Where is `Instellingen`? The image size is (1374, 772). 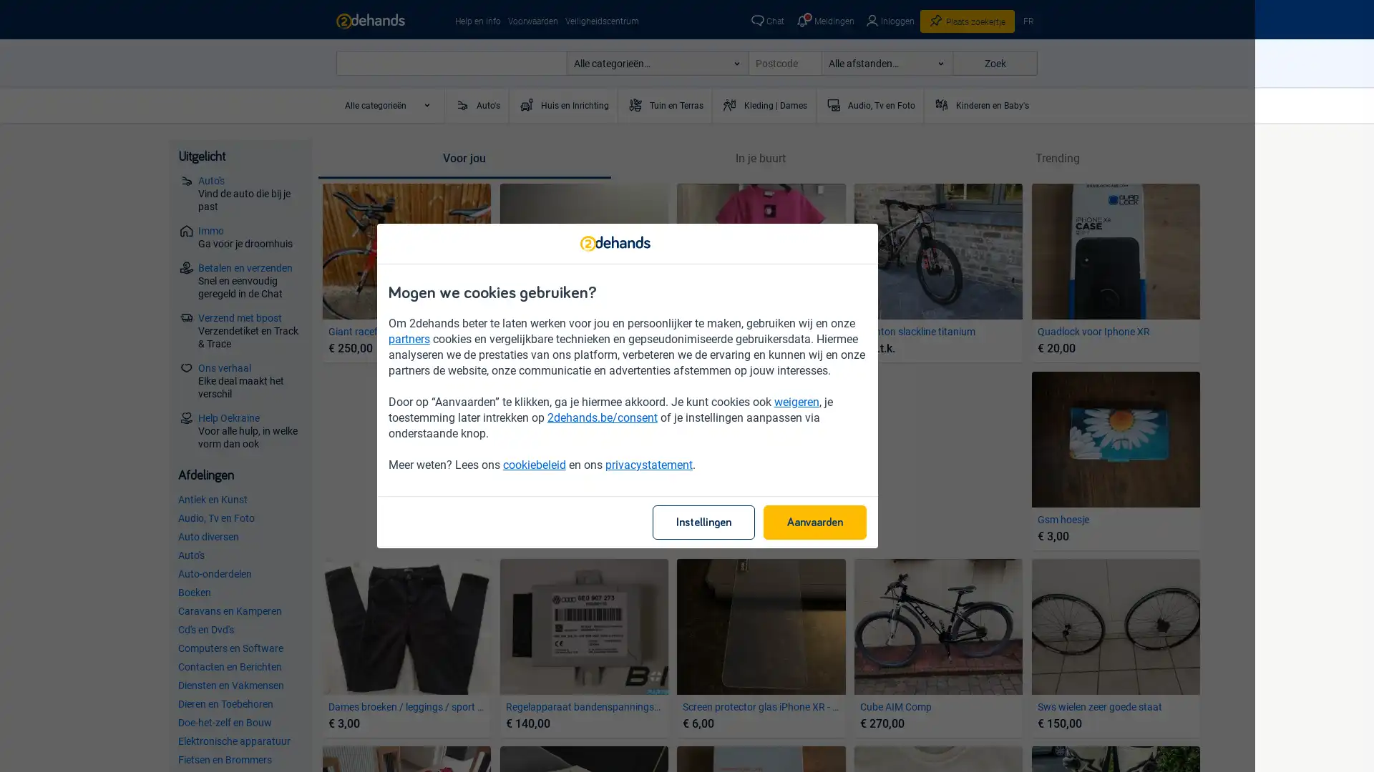 Instellingen is located at coordinates (762, 523).